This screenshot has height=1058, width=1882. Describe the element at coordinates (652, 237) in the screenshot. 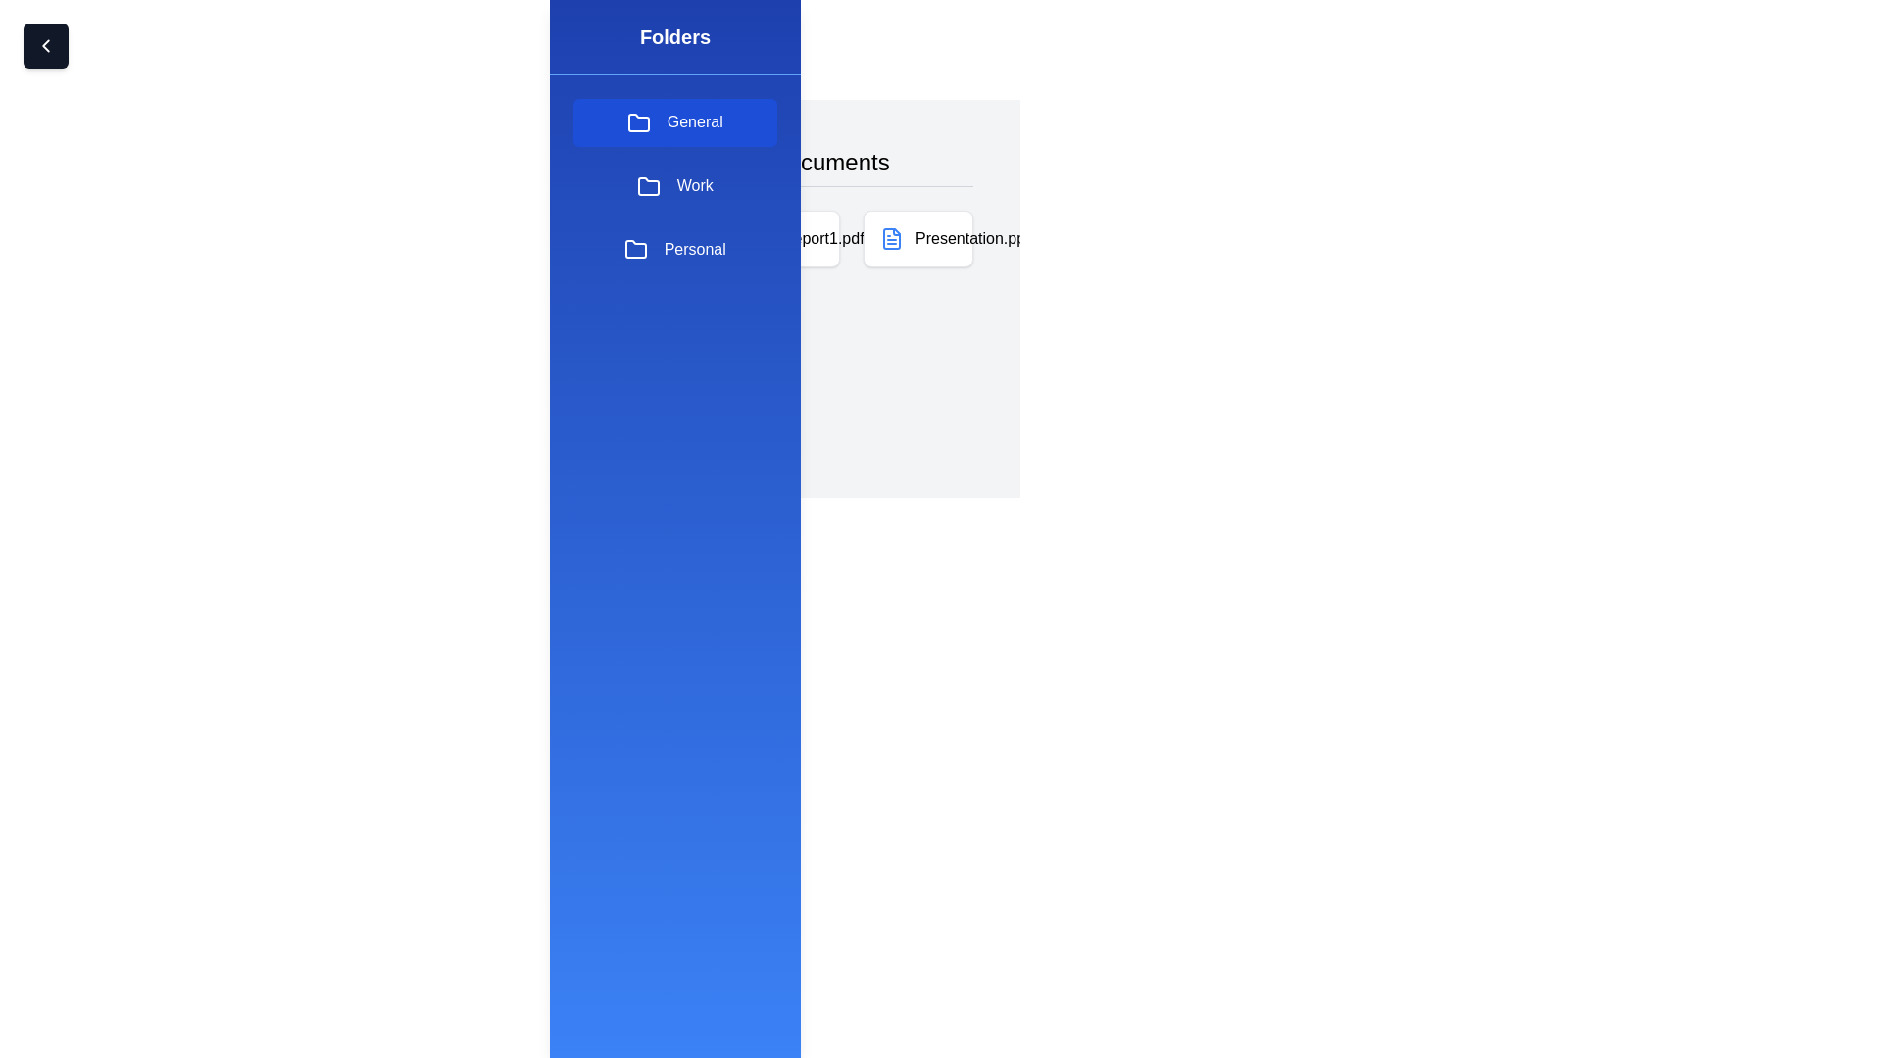

I see `the visual representation of the file named 'File1.docx' located at the top-left of the grid layout in the file browser interface` at that location.